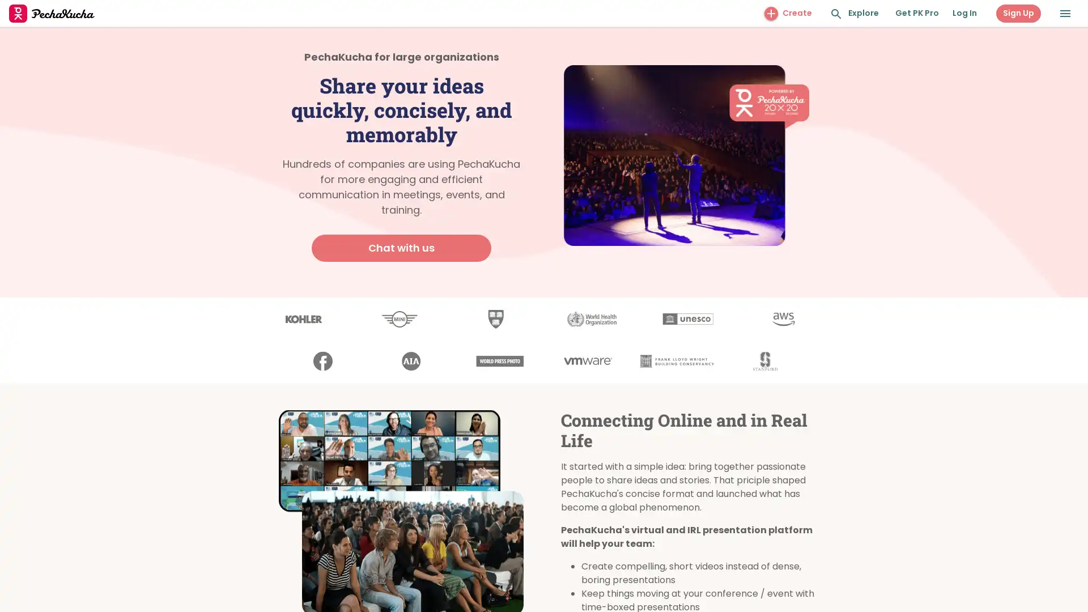 This screenshot has height=612, width=1088. Describe the element at coordinates (1018, 13) in the screenshot. I see `Sign Up` at that location.